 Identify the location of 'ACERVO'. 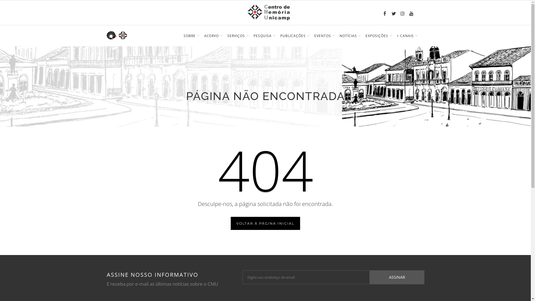
(213, 36).